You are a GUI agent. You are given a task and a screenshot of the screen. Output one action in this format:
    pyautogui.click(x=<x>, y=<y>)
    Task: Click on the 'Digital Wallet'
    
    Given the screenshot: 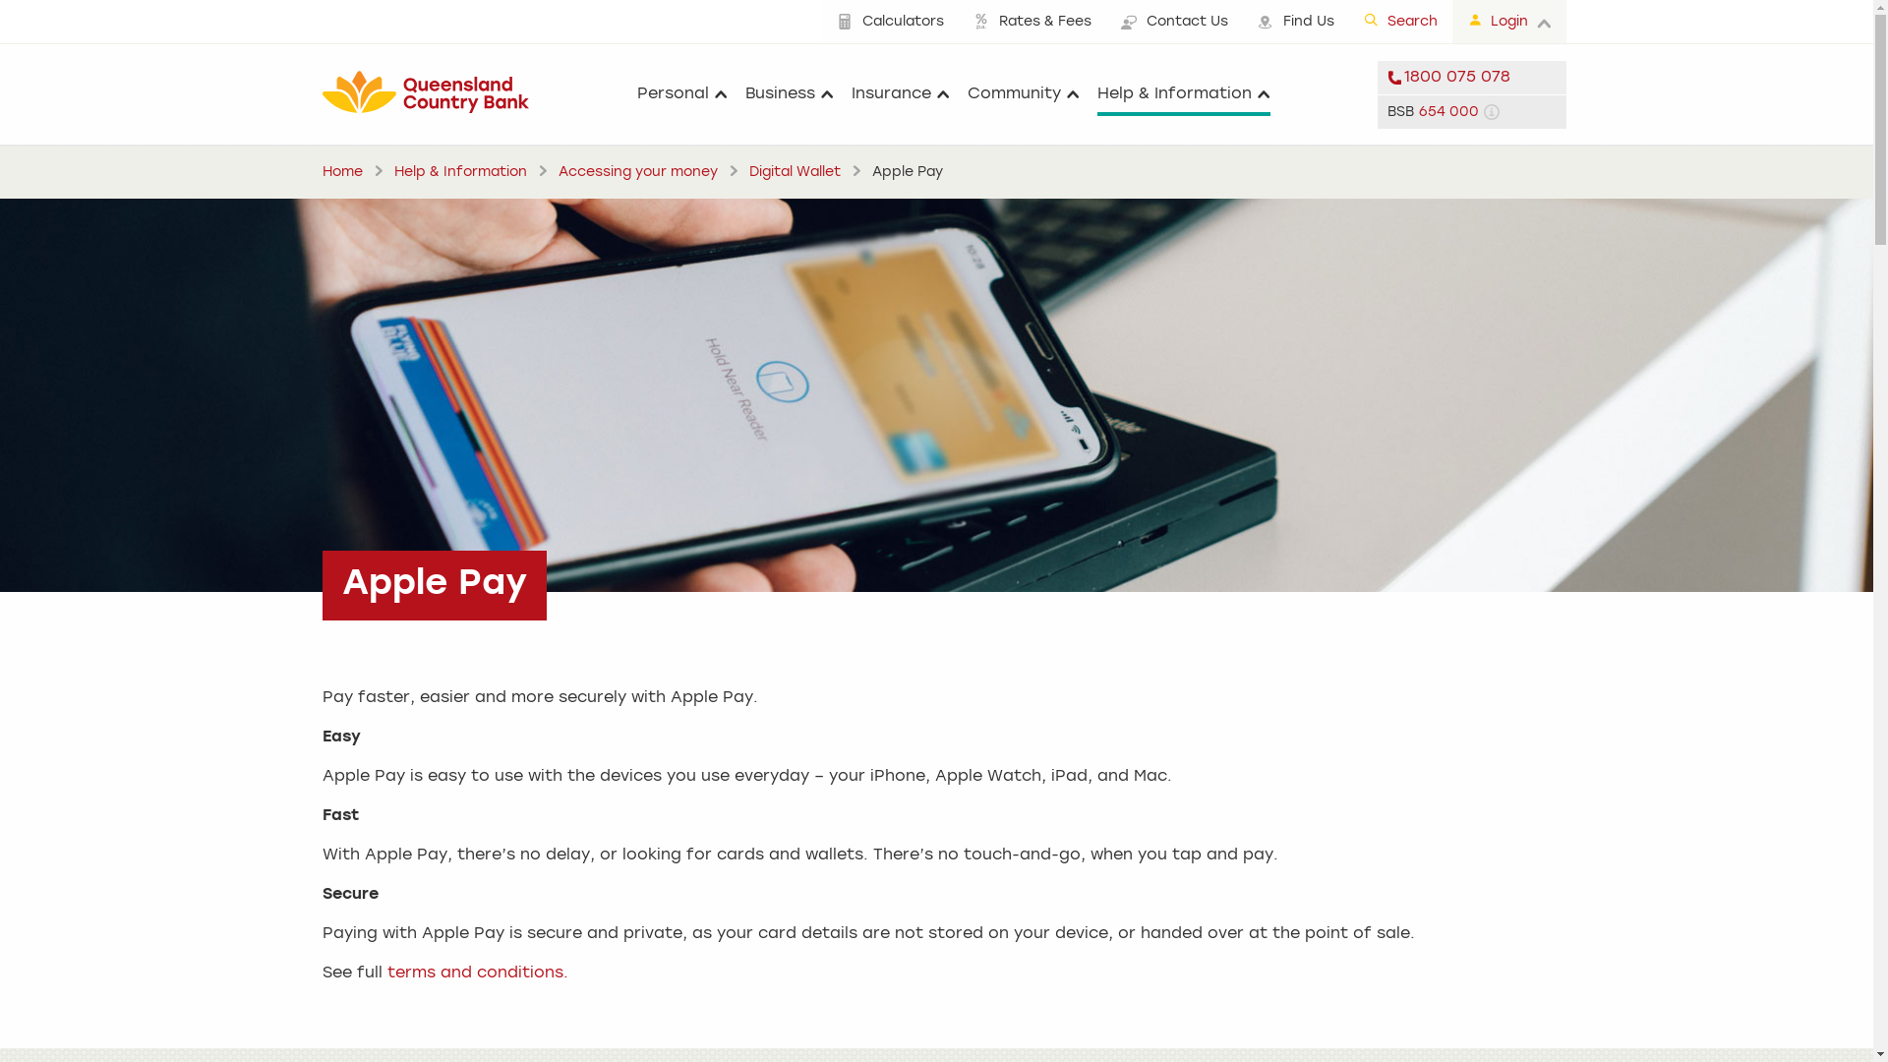 What is the action you would take?
    pyautogui.click(x=795, y=170)
    